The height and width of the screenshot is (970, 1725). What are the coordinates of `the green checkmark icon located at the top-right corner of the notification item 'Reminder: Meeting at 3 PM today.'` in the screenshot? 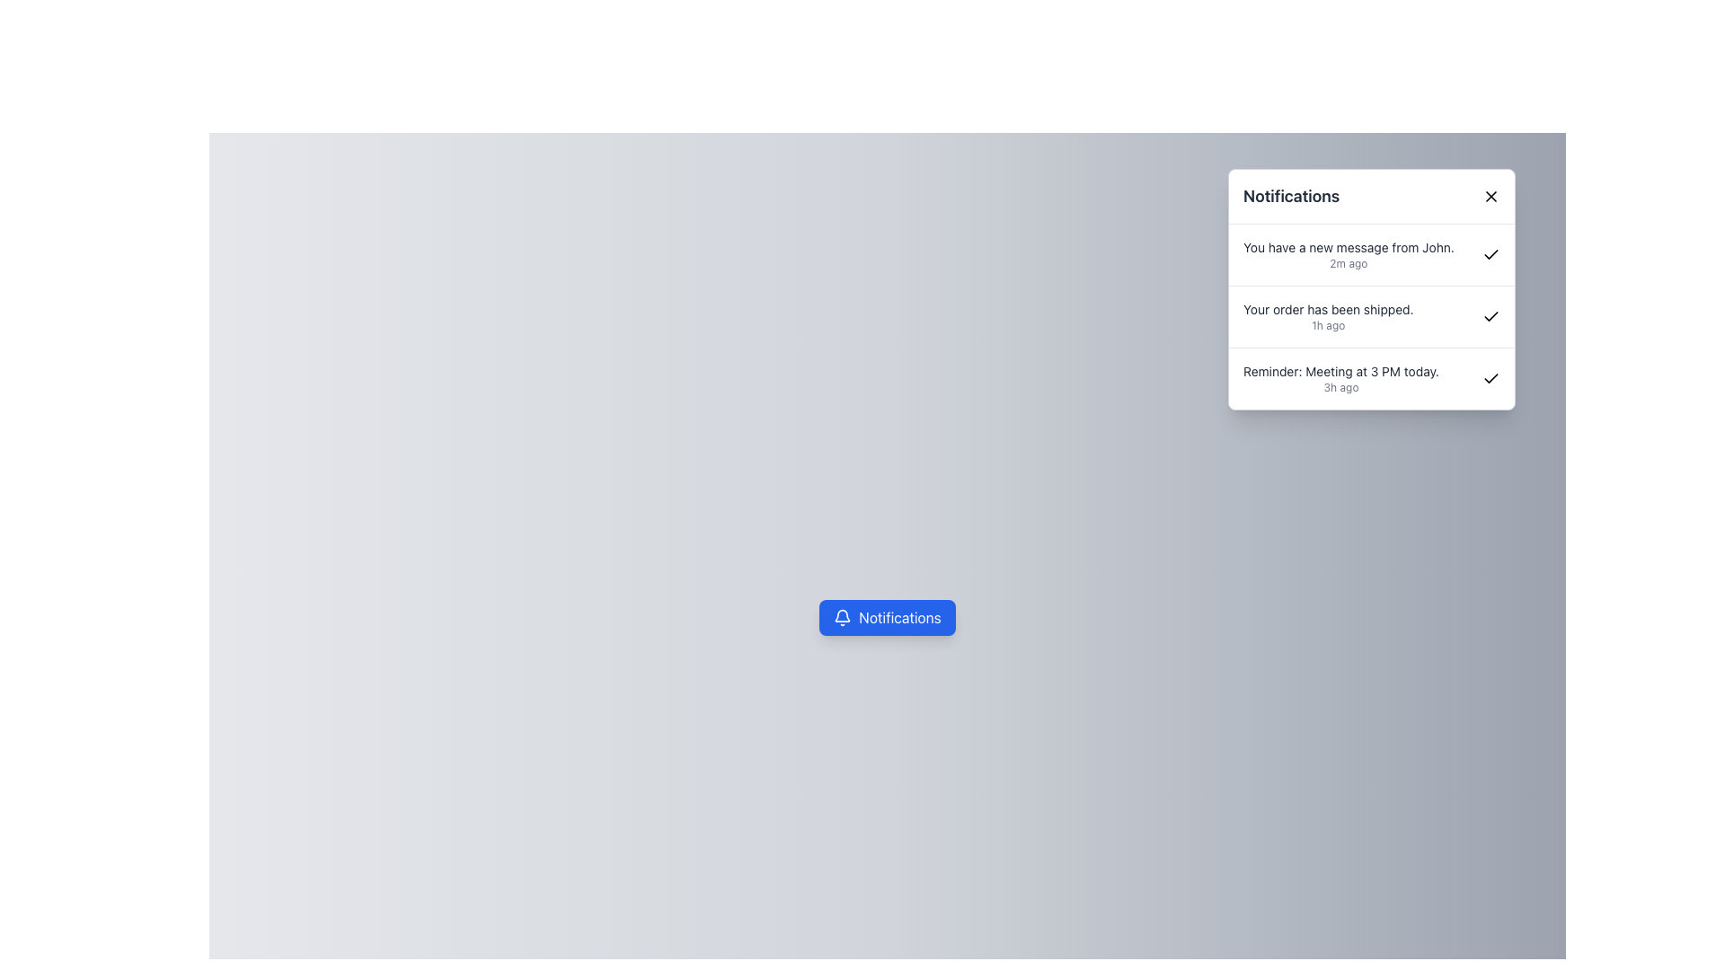 It's located at (1491, 377).